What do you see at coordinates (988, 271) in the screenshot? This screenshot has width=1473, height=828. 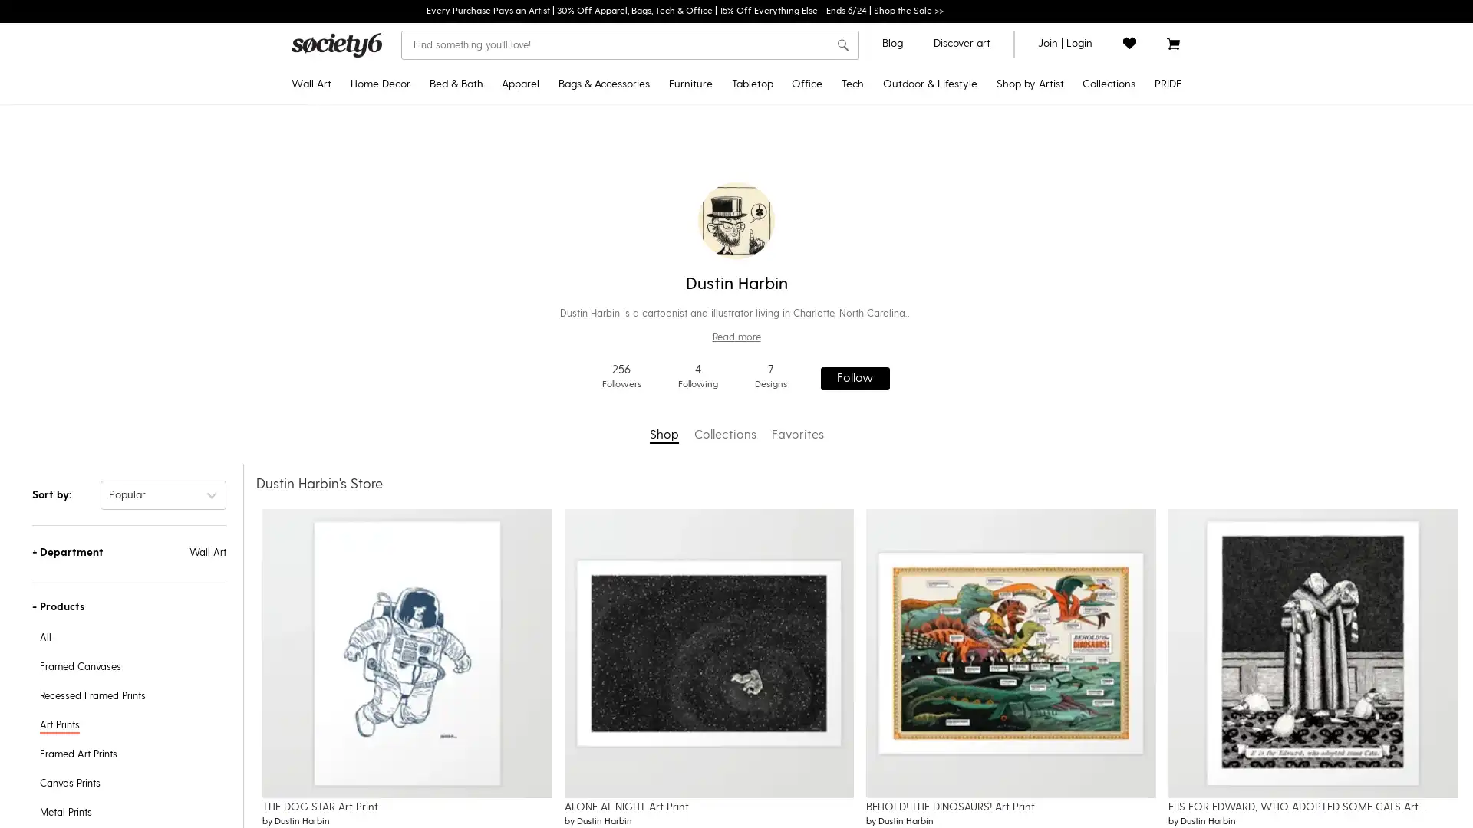 I see `Support Ukrainian Artists` at bounding box center [988, 271].